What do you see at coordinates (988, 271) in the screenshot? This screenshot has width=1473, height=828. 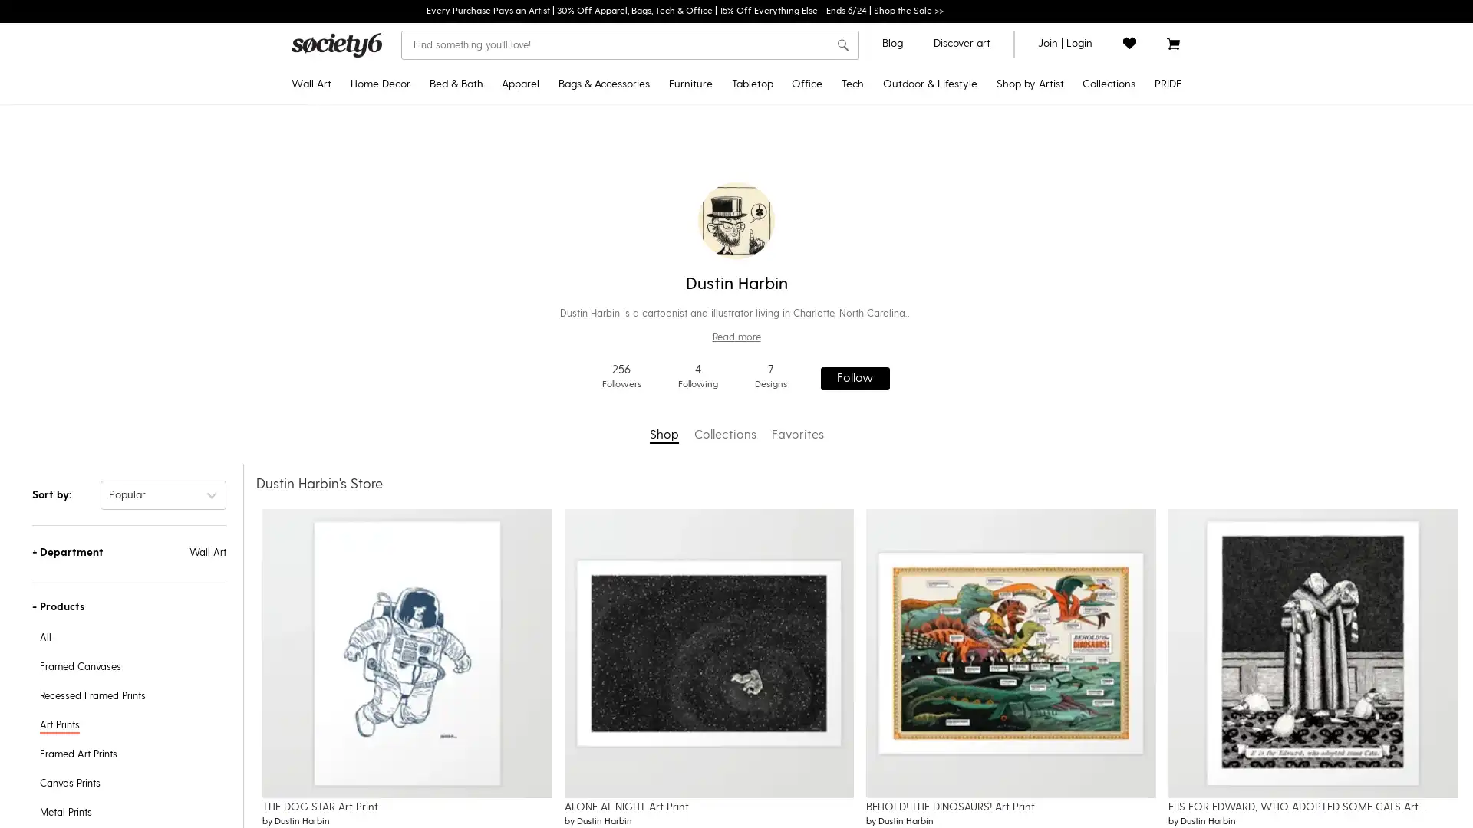 I see `Support Ukrainian Artists` at bounding box center [988, 271].